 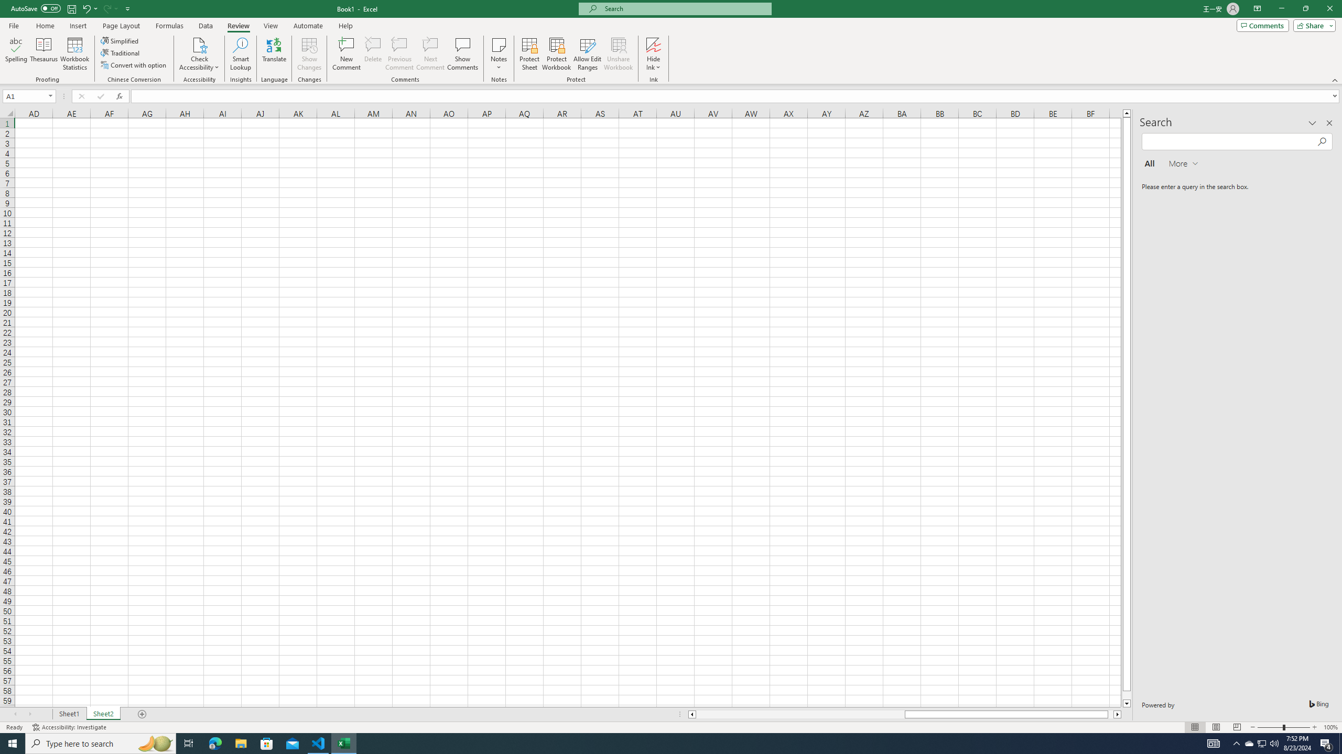 I want to click on 'Workbook Statistics', so click(x=74, y=54).